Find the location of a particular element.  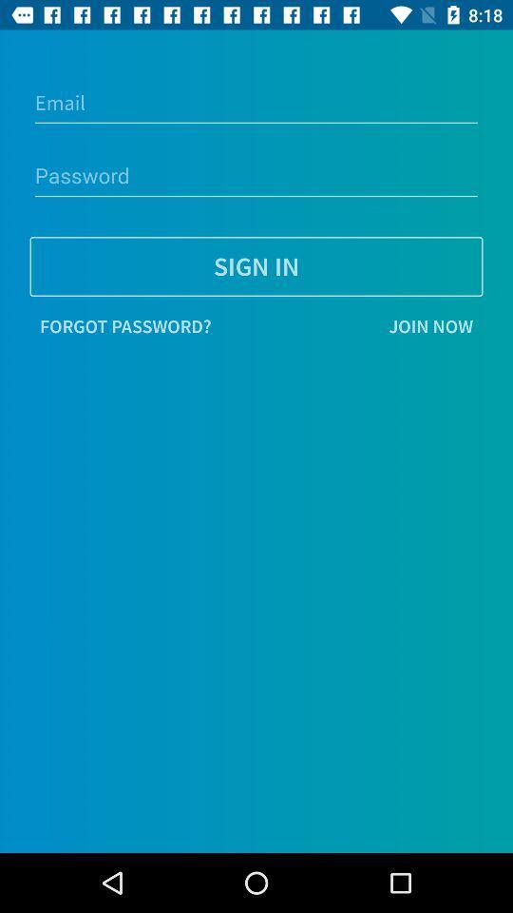

item next to the join now icon is located at coordinates (125, 326).